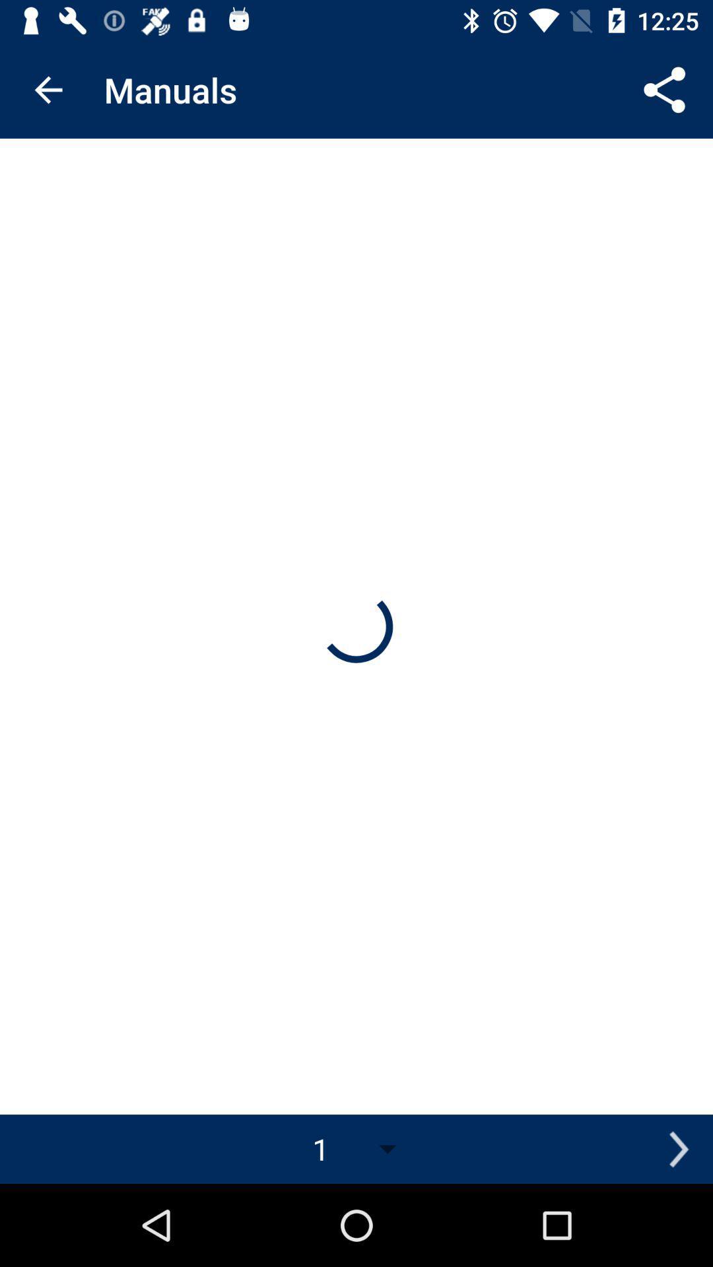 Image resolution: width=713 pixels, height=1267 pixels. What do you see at coordinates (678, 1148) in the screenshot?
I see `item to the right of the   1 icon` at bounding box center [678, 1148].